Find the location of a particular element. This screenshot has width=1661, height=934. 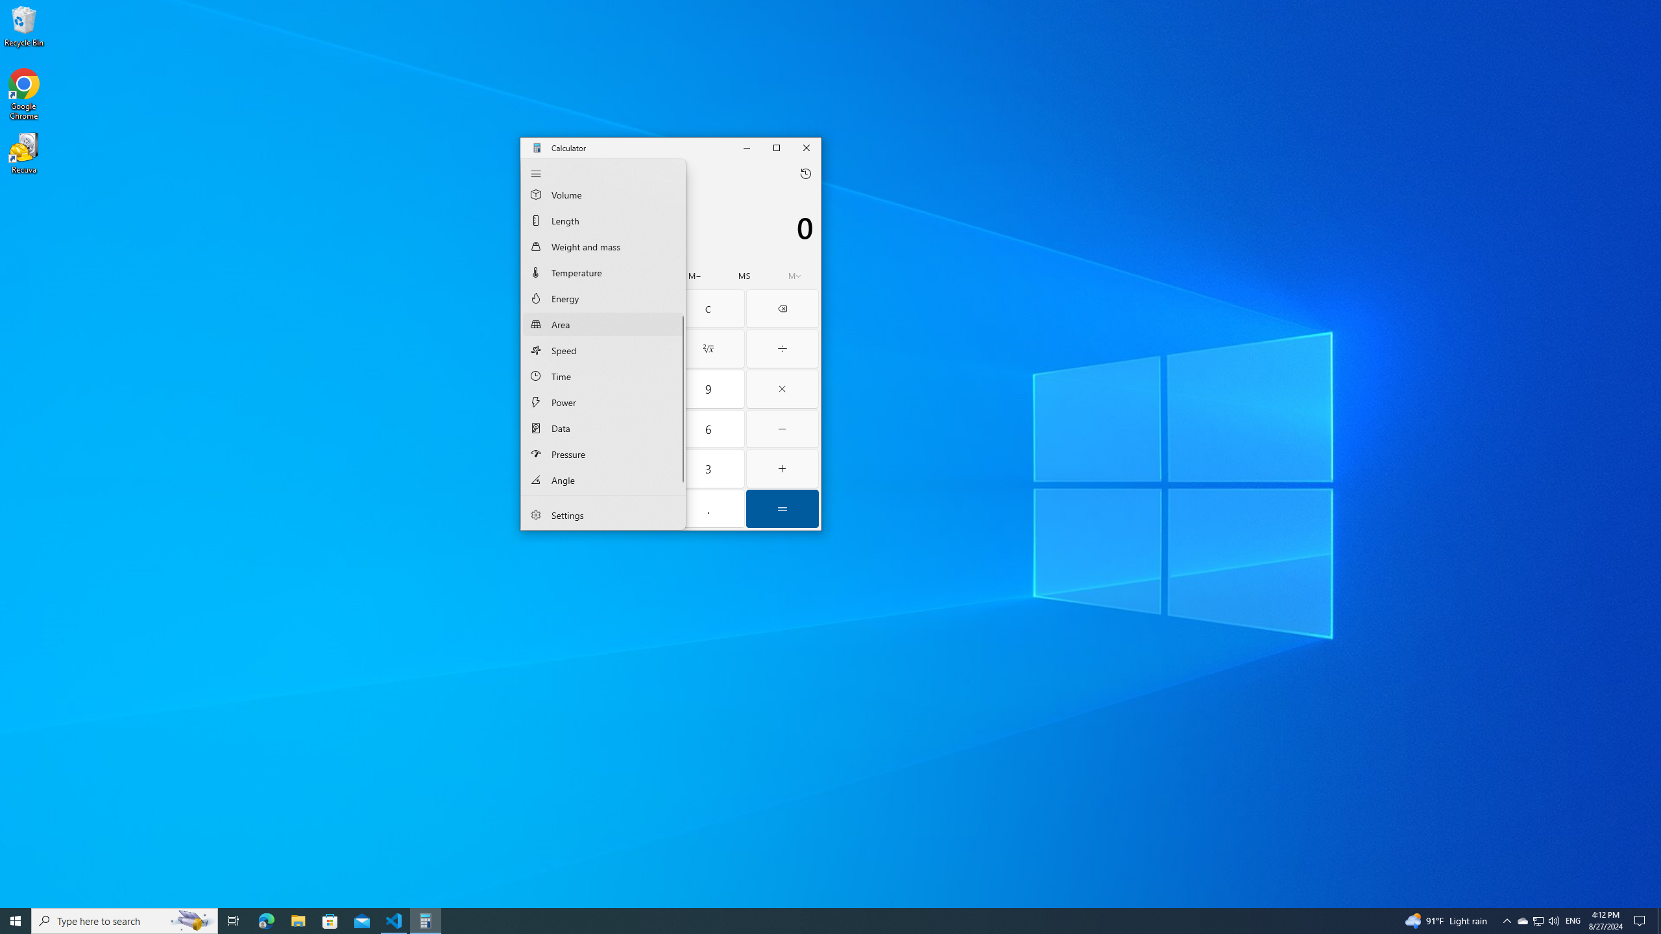

'Backspace' is located at coordinates (781, 307).